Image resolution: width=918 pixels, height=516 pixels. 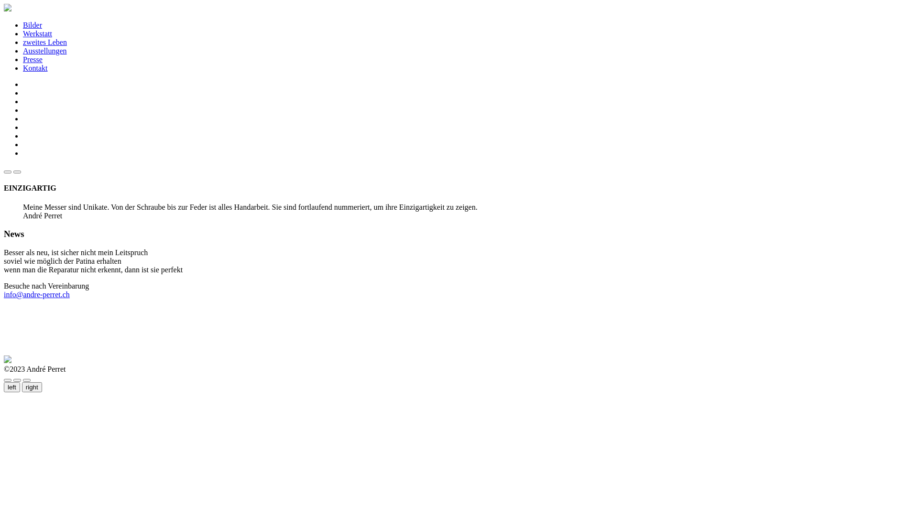 I want to click on 'info@andre-perret.ch', so click(x=36, y=294).